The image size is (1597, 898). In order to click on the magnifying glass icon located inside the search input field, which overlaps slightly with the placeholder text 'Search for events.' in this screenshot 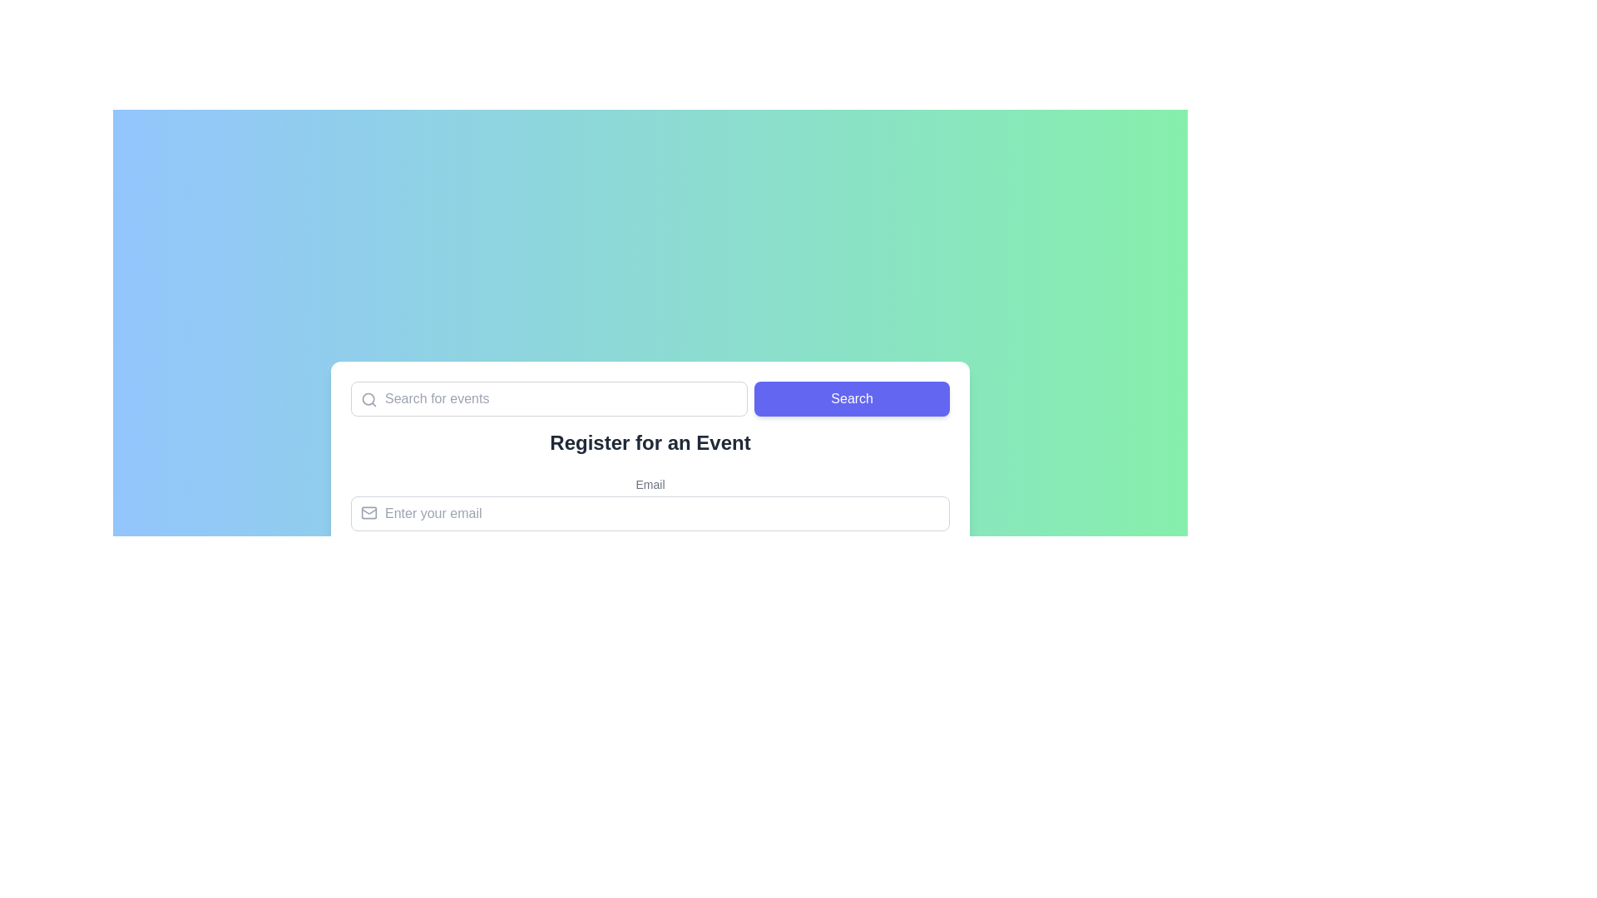, I will do `click(368, 400)`.